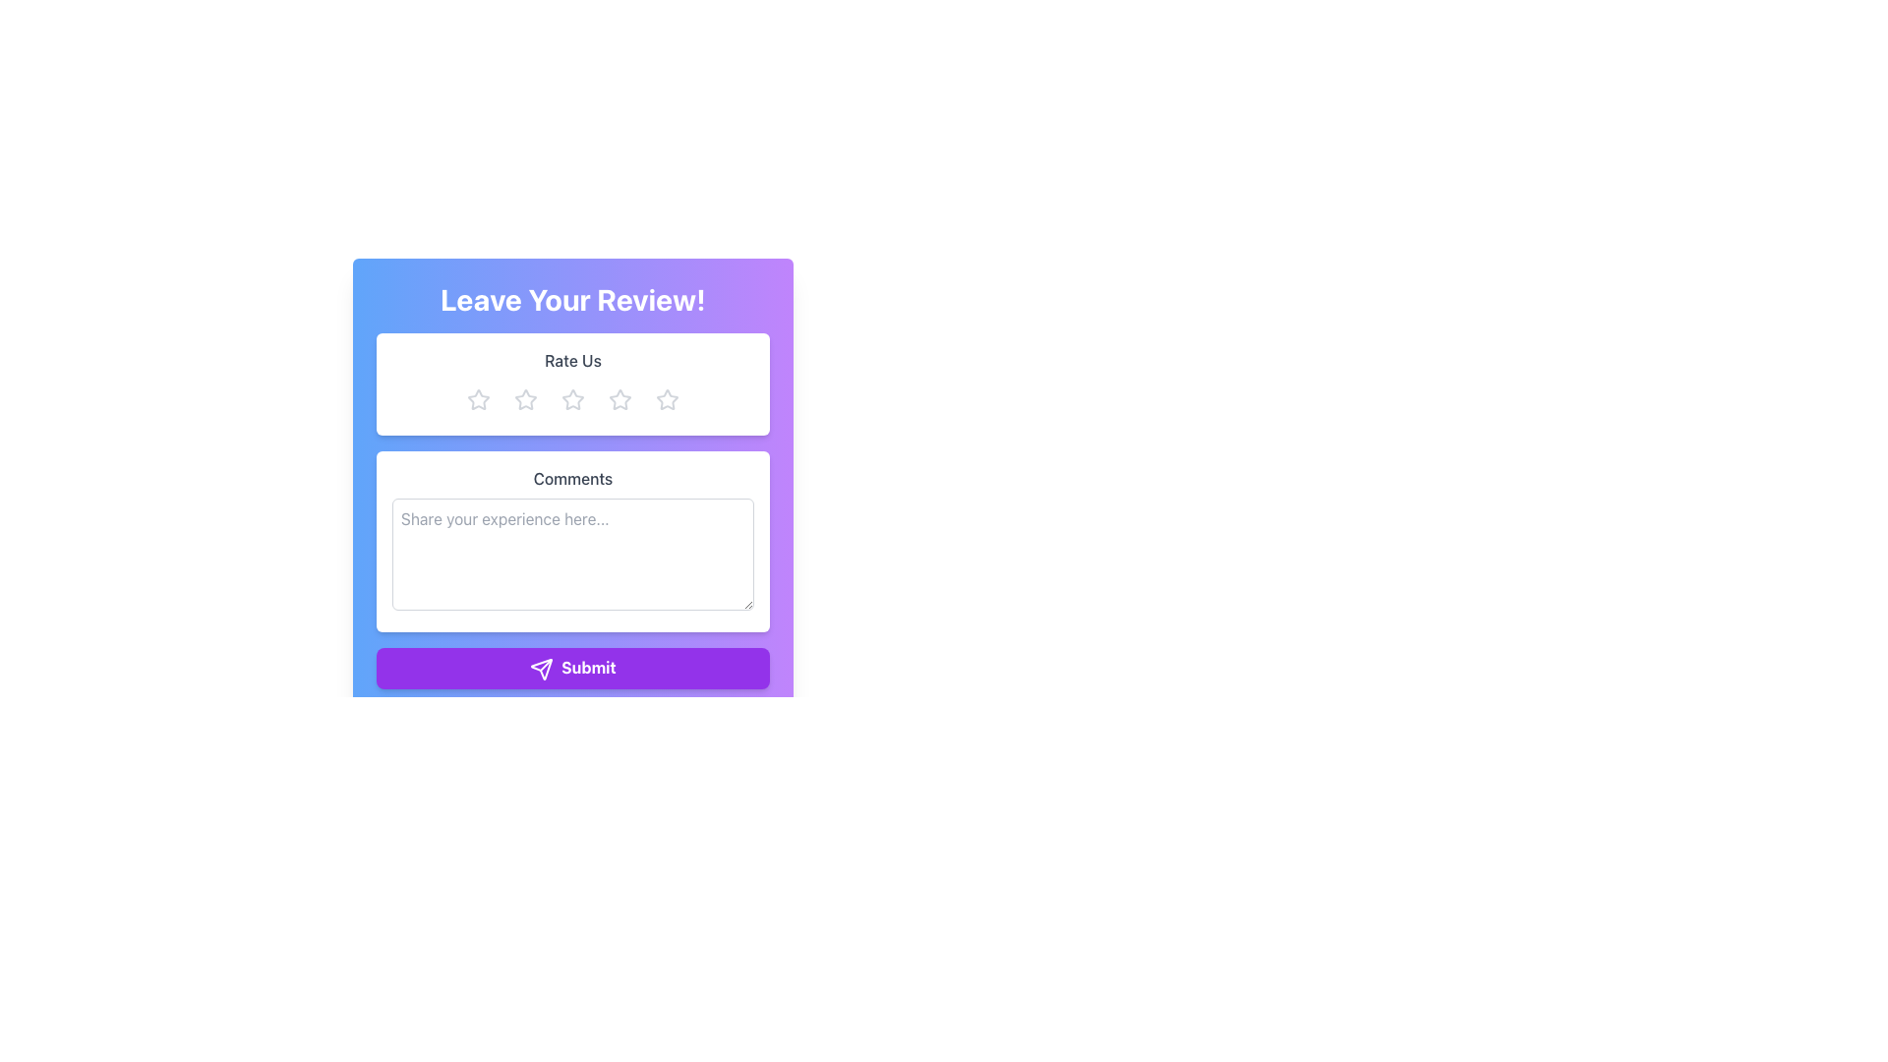 Image resolution: width=1888 pixels, height=1062 pixels. I want to click on the third rating star icon in the 'Rate Us' panel to set the user's rating to three, so click(571, 399).